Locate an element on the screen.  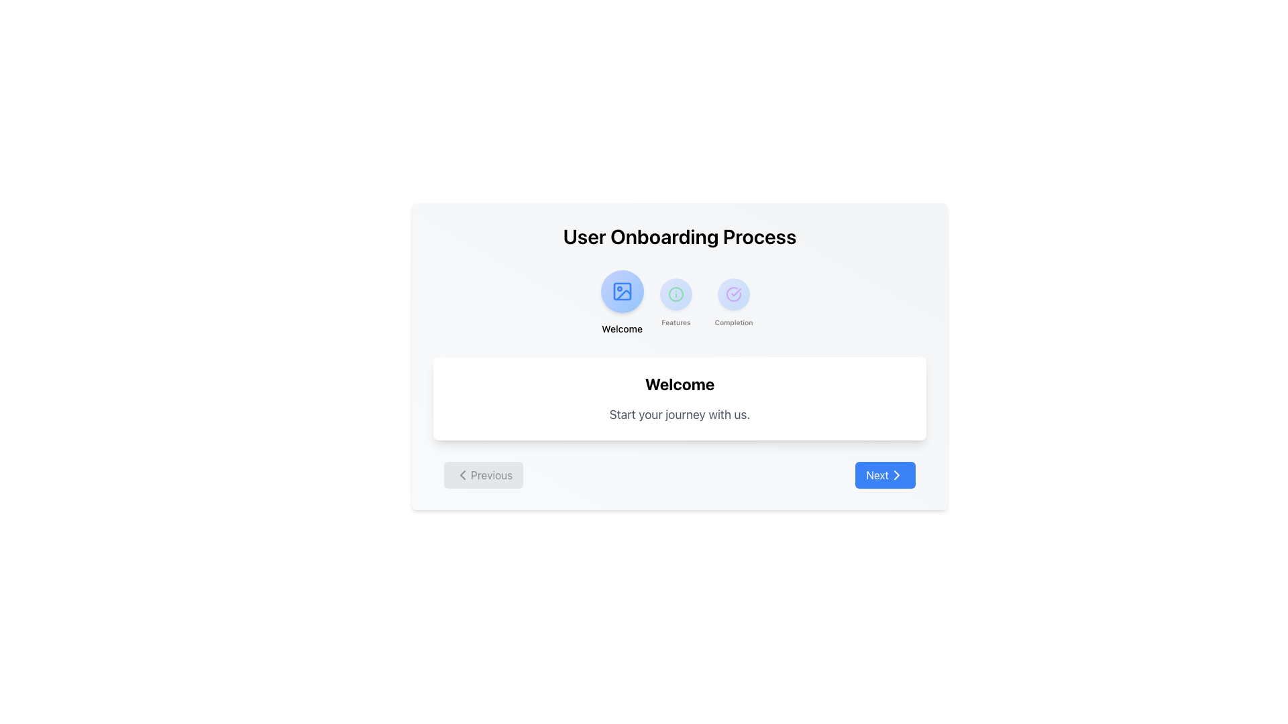
the 'Features' button in the user onboarding process is located at coordinates (676, 302).